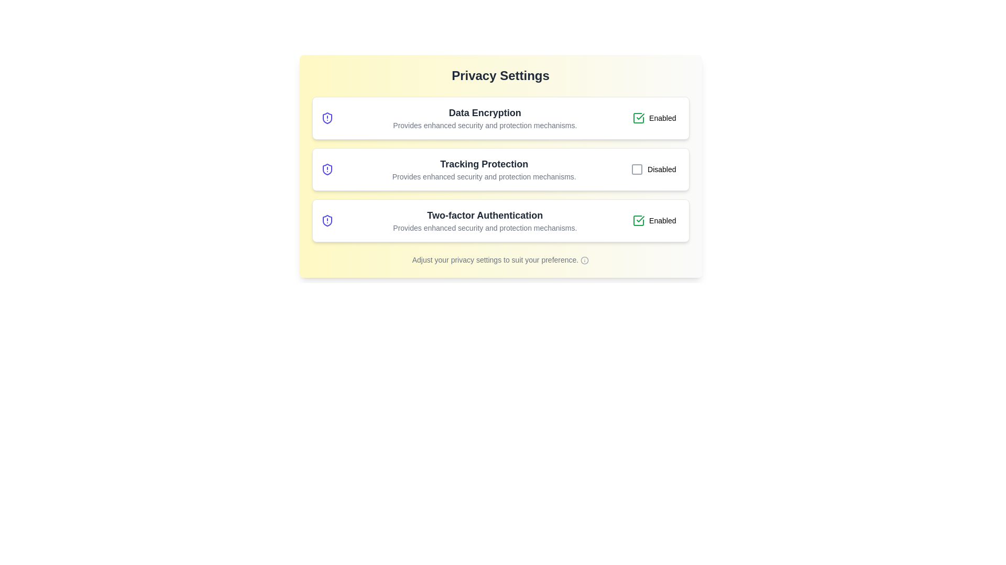 This screenshot has width=1006, height=565. What do you see at coordinates (584, 260) in the screenshot?
I see `the informational icon located at the end of the text line 'Adjust your privacy settings to suit your preference.' in the footer section of the Privacy Settings card` at bounding box center [584, 260].